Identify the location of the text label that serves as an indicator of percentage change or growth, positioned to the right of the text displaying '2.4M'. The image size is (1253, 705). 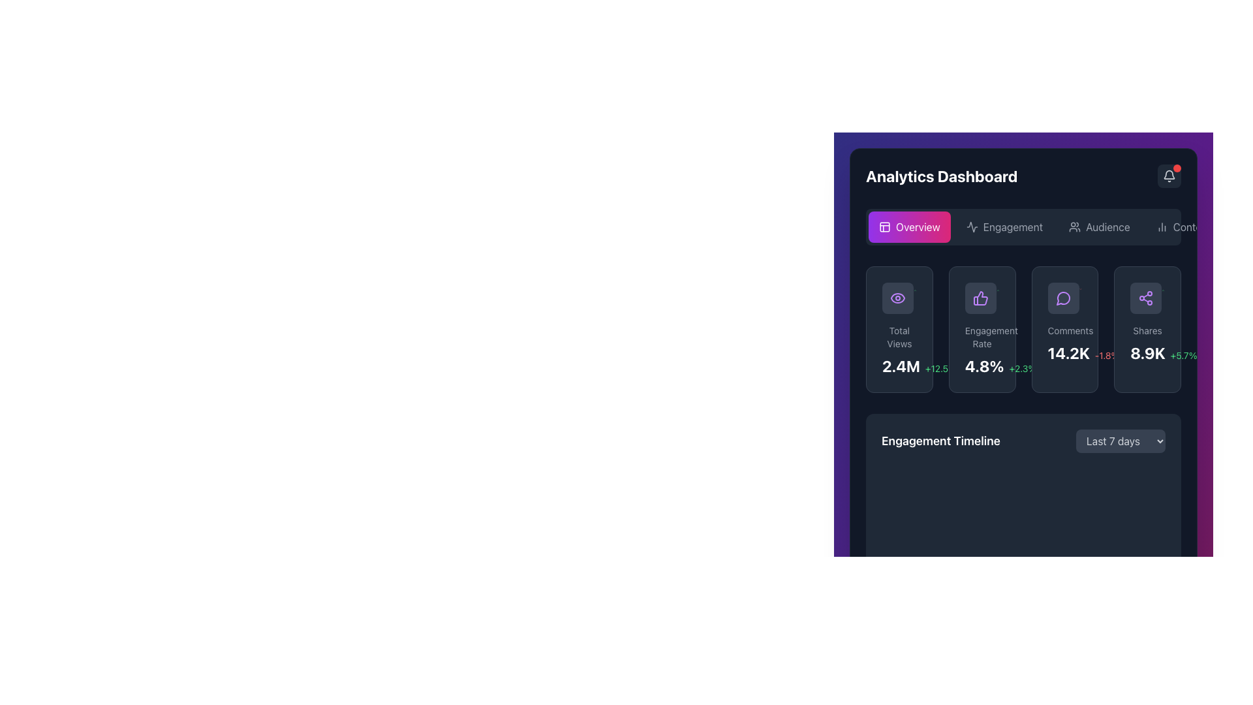
(940, 368).